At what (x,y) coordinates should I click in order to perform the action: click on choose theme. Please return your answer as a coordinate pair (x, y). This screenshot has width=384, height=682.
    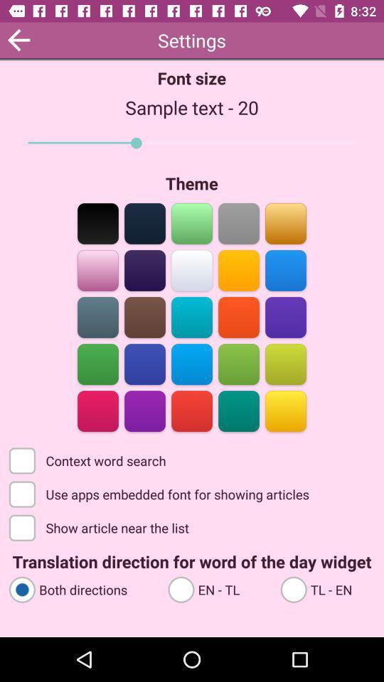
    Looking at the image, I should click on (97, 222).